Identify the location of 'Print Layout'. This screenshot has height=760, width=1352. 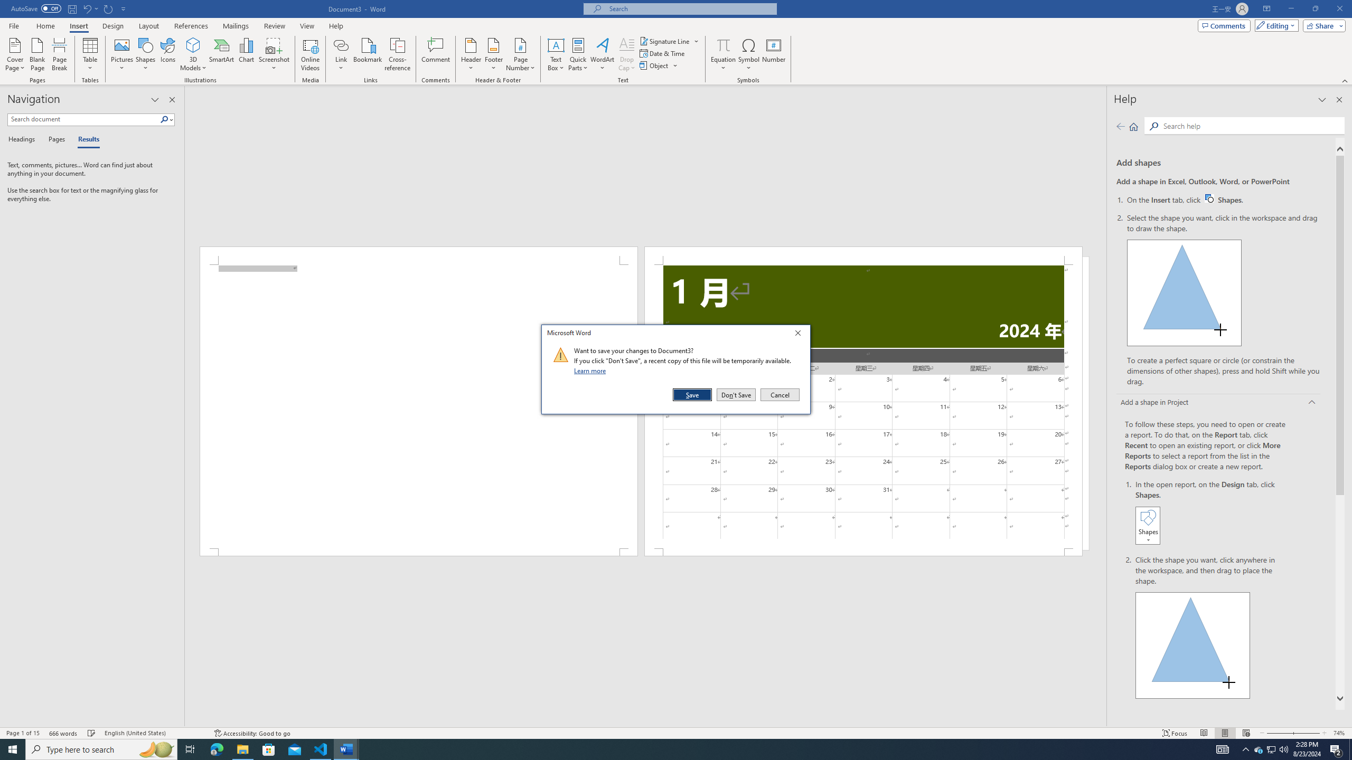
(1225, 733).